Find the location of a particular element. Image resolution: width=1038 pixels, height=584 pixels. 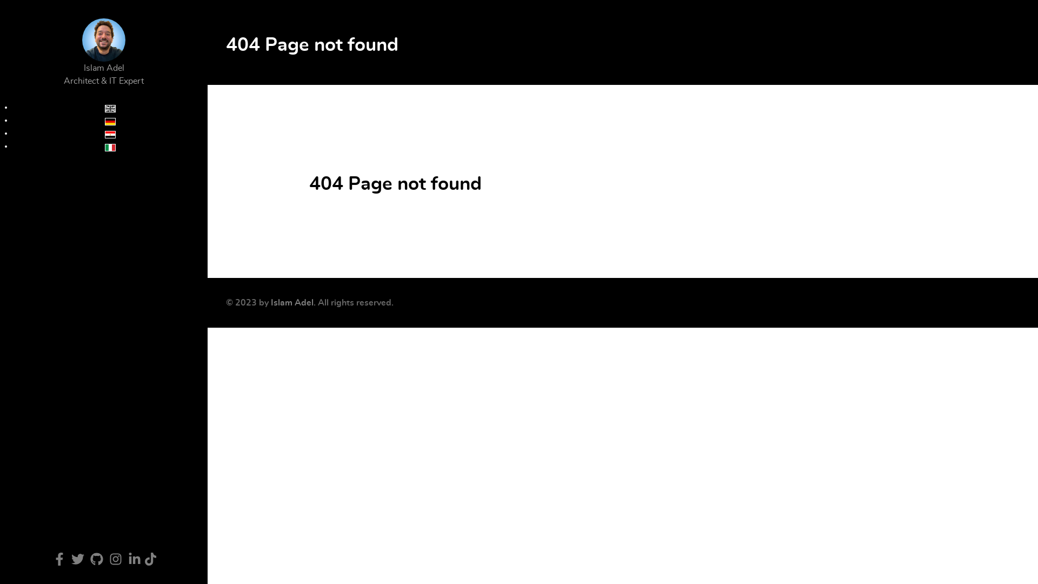

'English (UK)' is located at coordinates (110, 108).